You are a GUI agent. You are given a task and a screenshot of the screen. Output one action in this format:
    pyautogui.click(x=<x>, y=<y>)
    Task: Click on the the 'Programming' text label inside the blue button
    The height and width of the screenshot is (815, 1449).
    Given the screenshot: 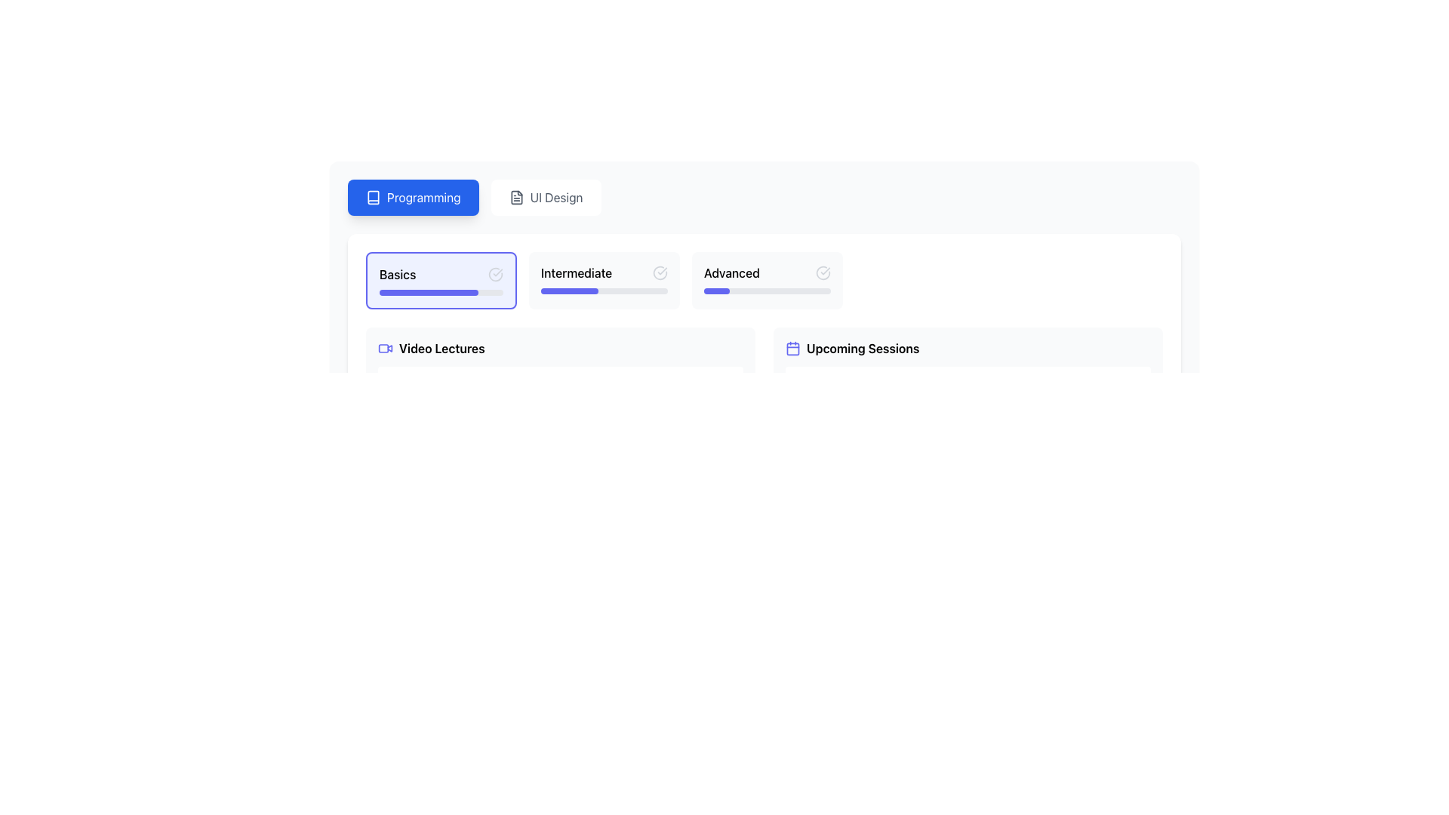 What is the action you would take?
    pyautogui.click(x=423, y=197)
    